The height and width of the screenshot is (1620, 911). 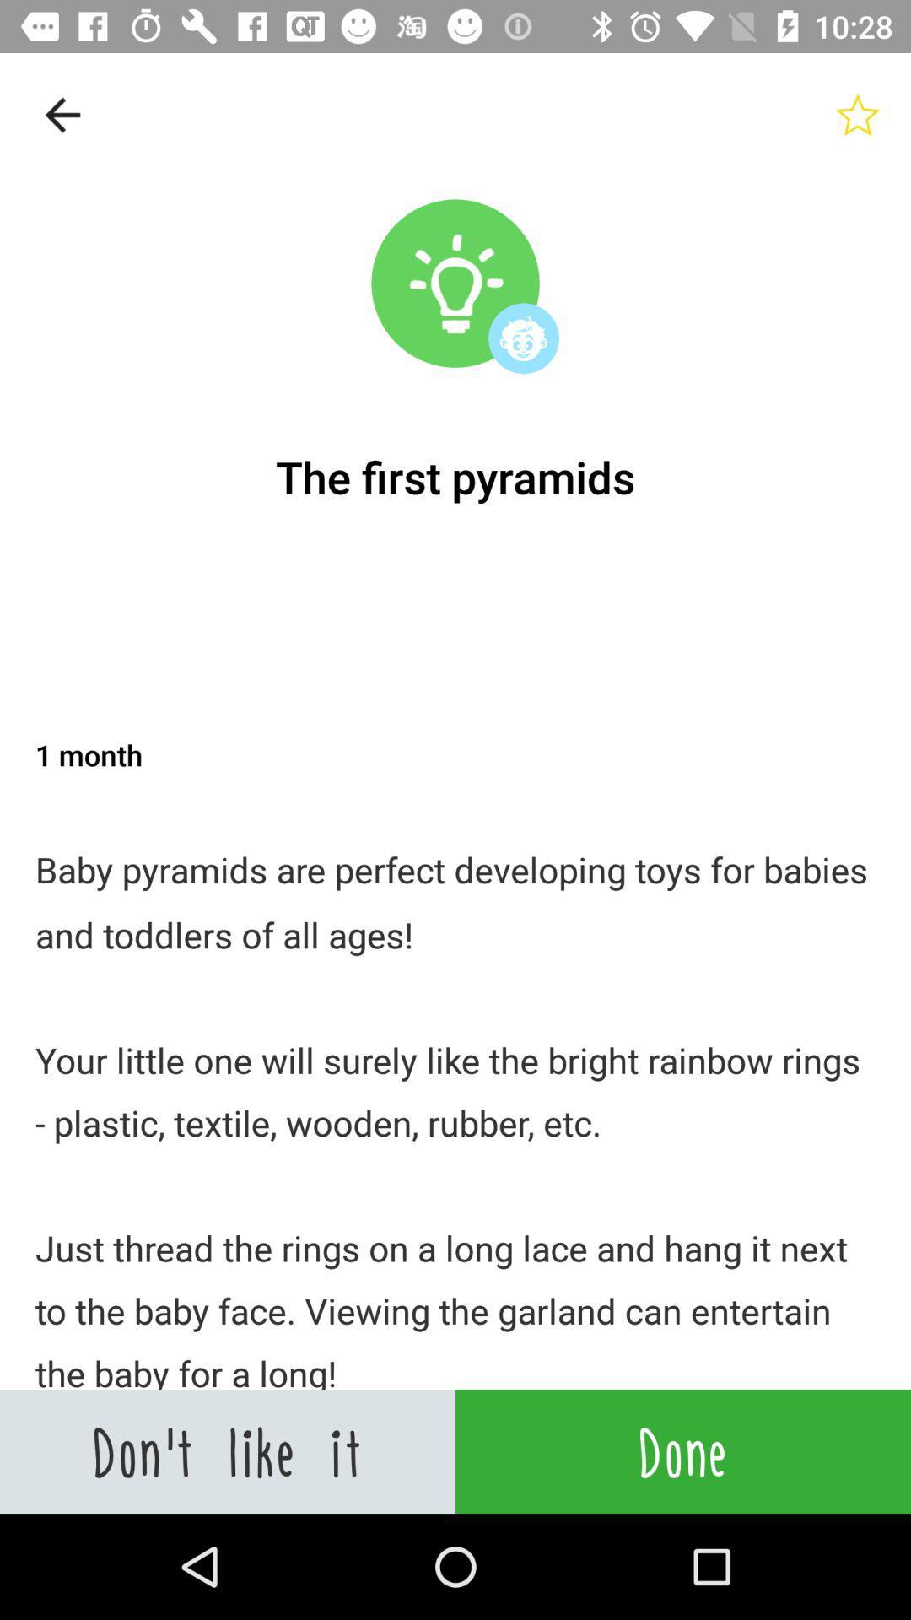 I want to click on the icon at the top right corner, so click(x=858, y=114).